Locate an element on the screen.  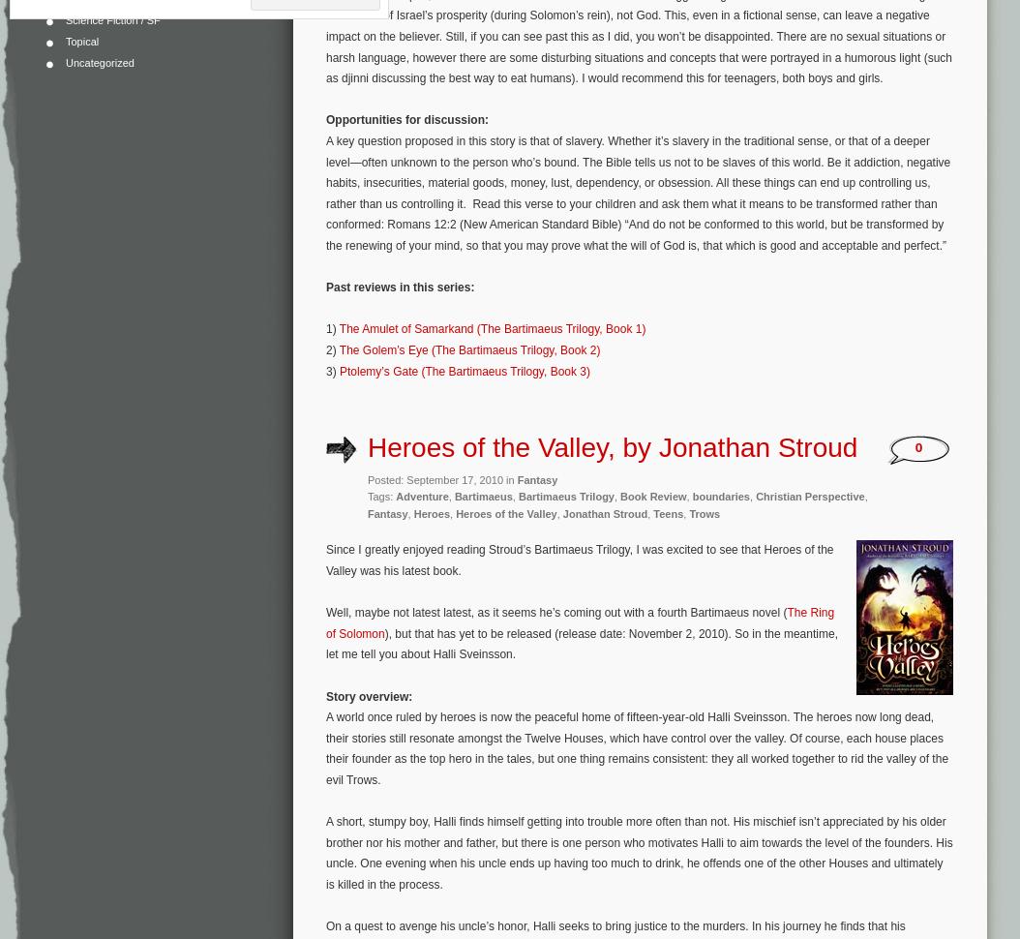
'Tags:' is located at coordinates (380, 497).